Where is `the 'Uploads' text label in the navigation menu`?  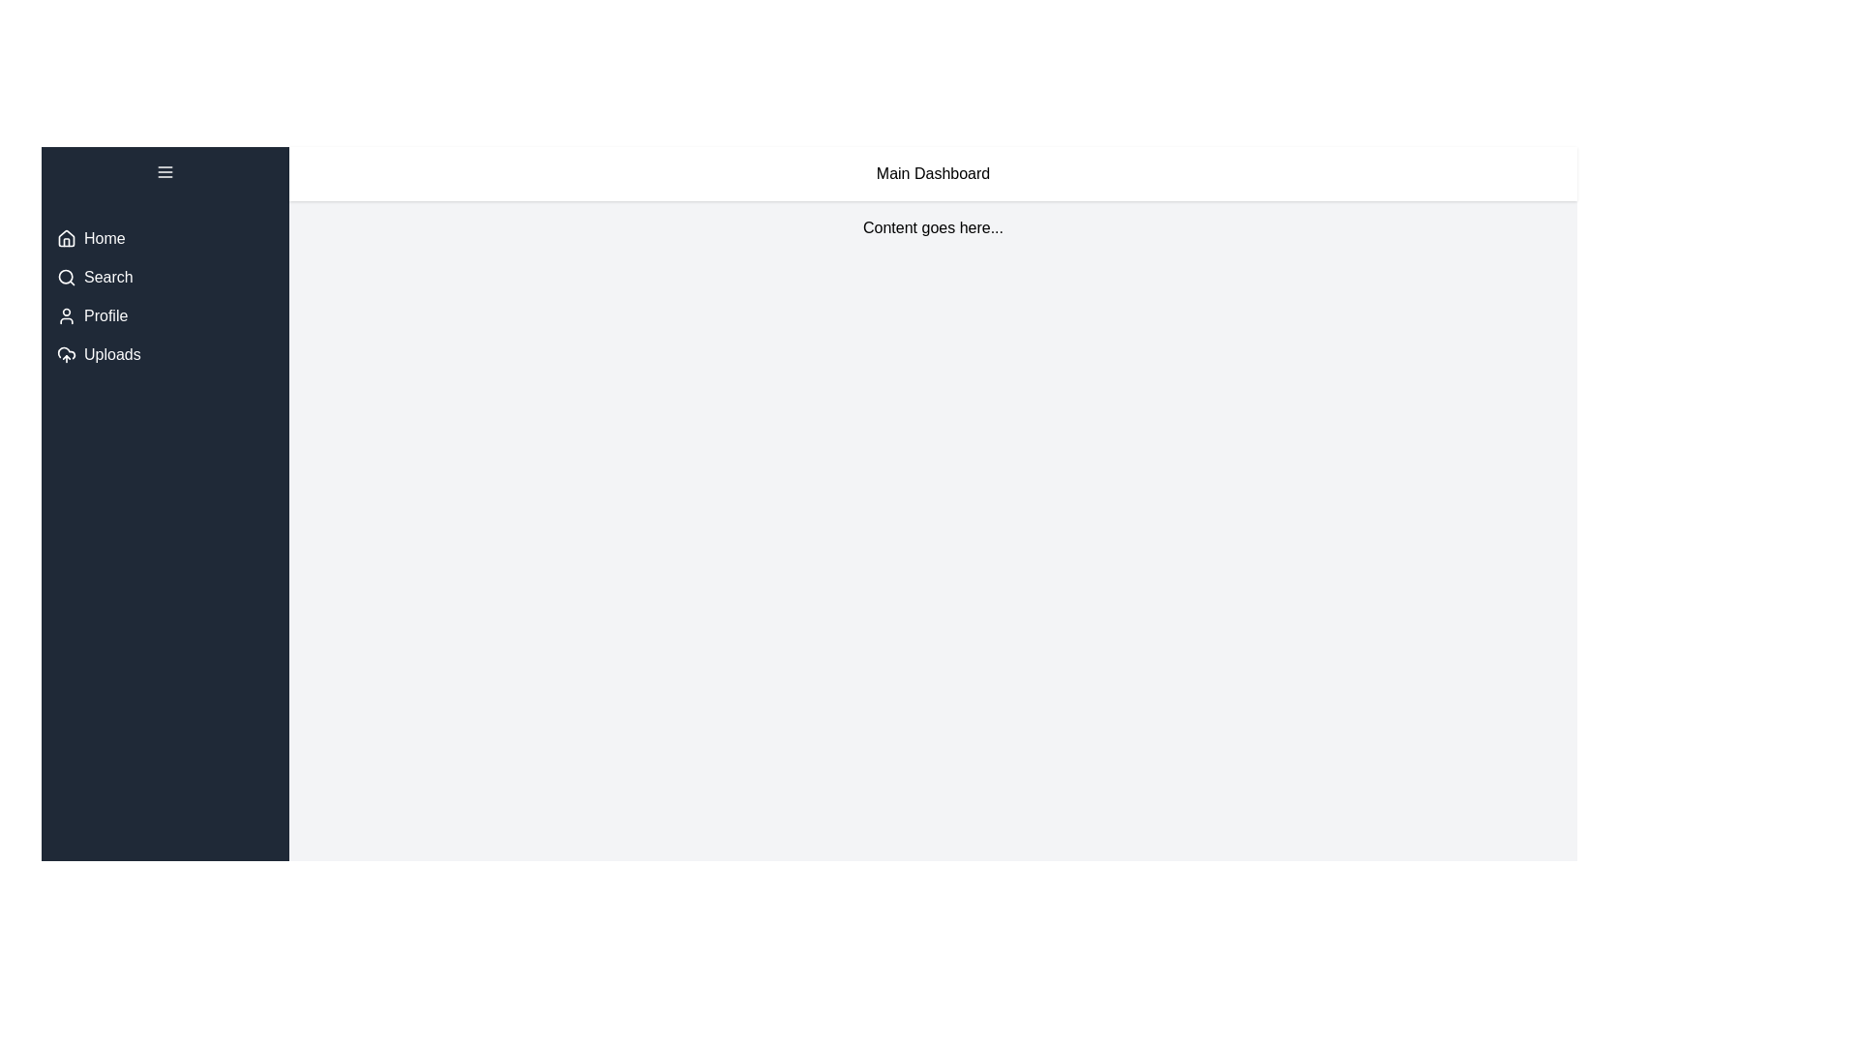 the 'Uploads' text label in the navigation menu is located at coordinates (111, 354).